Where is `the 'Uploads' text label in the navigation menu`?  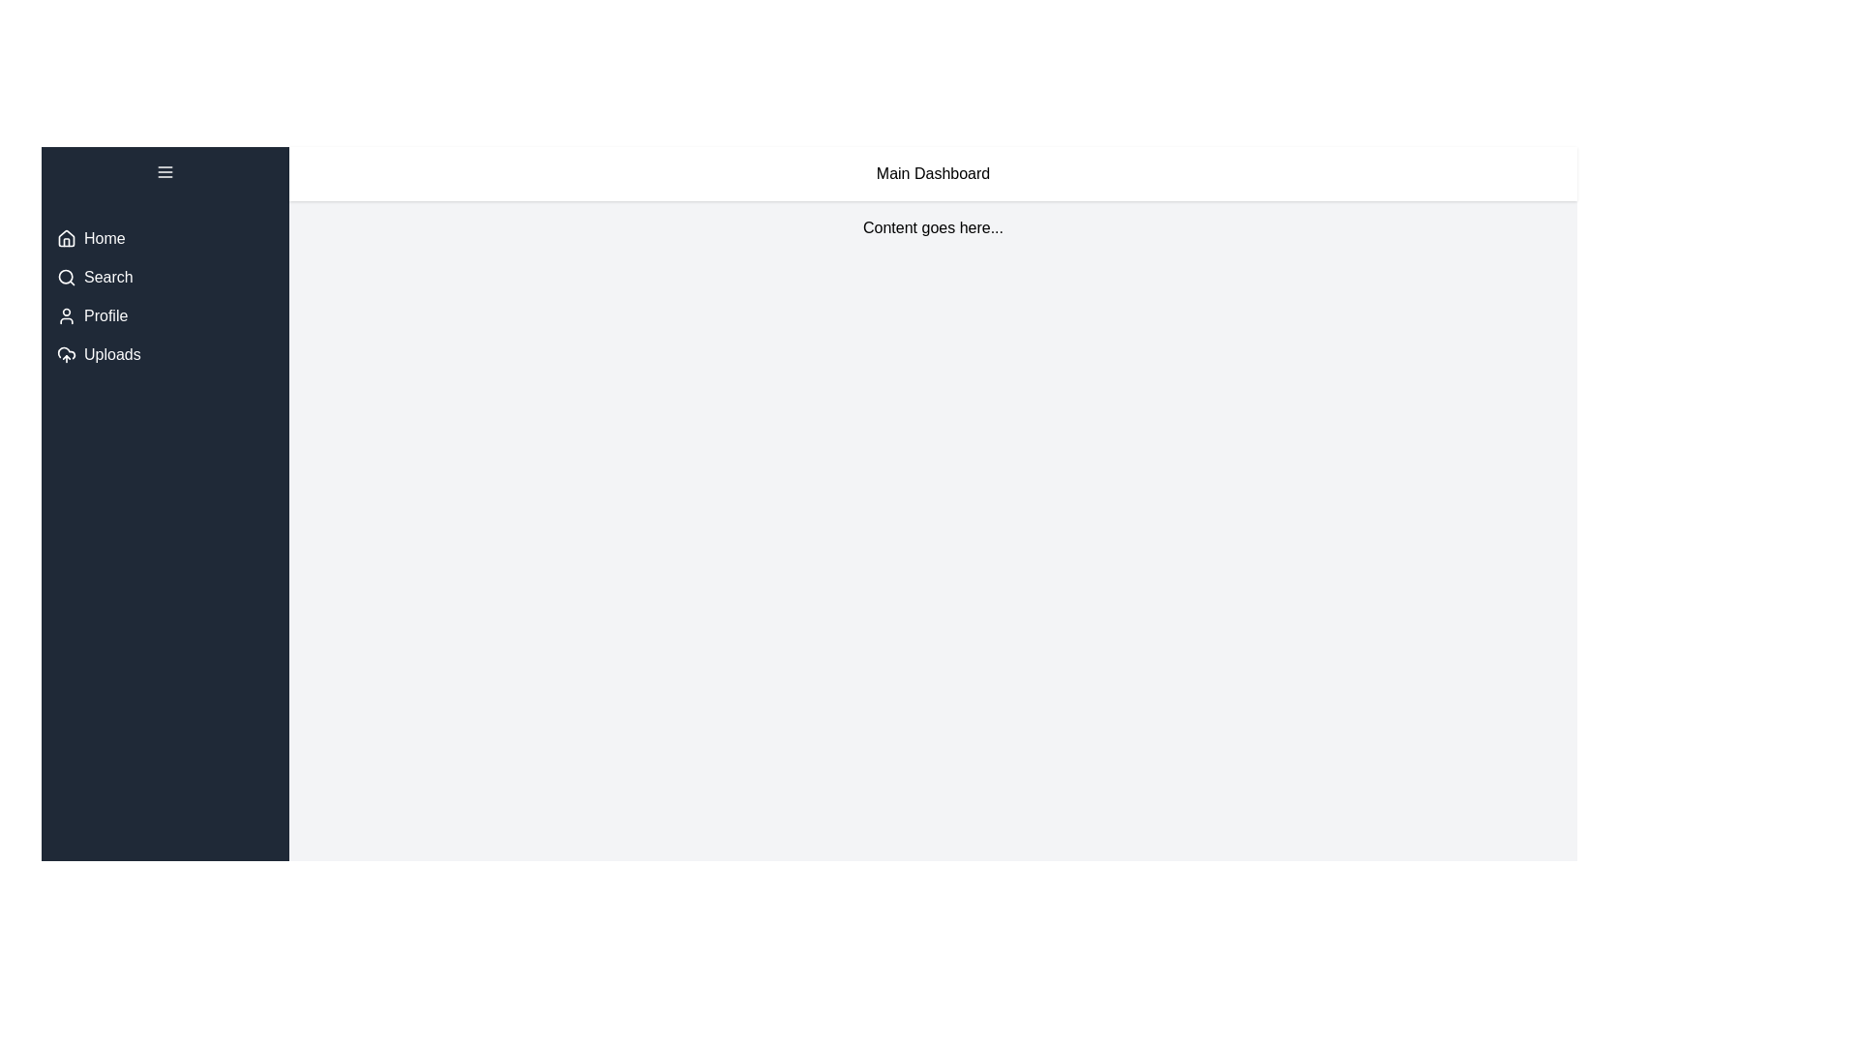 the 'Uploads' text label in the navigation menu is located at coordinates (111, 354).